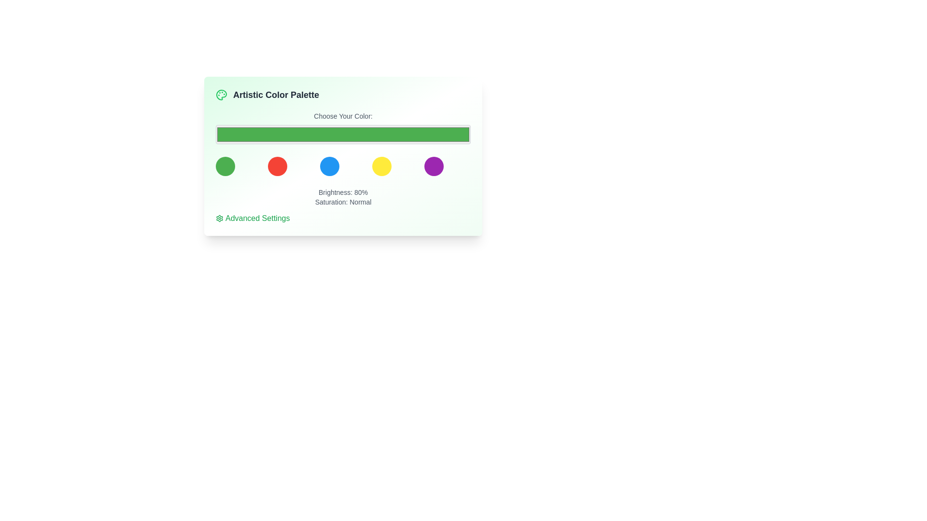  I want to click on the first selectable circular button in the color selection grid to observe the border change, so click(225, 165).